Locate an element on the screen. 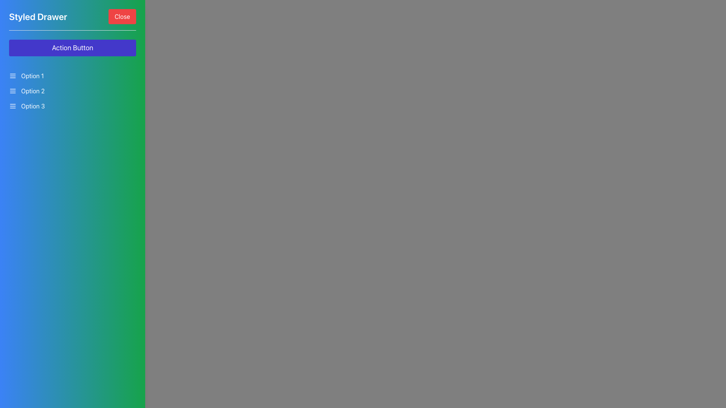  the group of labeled options with accompanying icons located below the 'Action Button', which includes 'Option 1', 'Option 2', and 'Option 3' is located at coordinates (73, 90).